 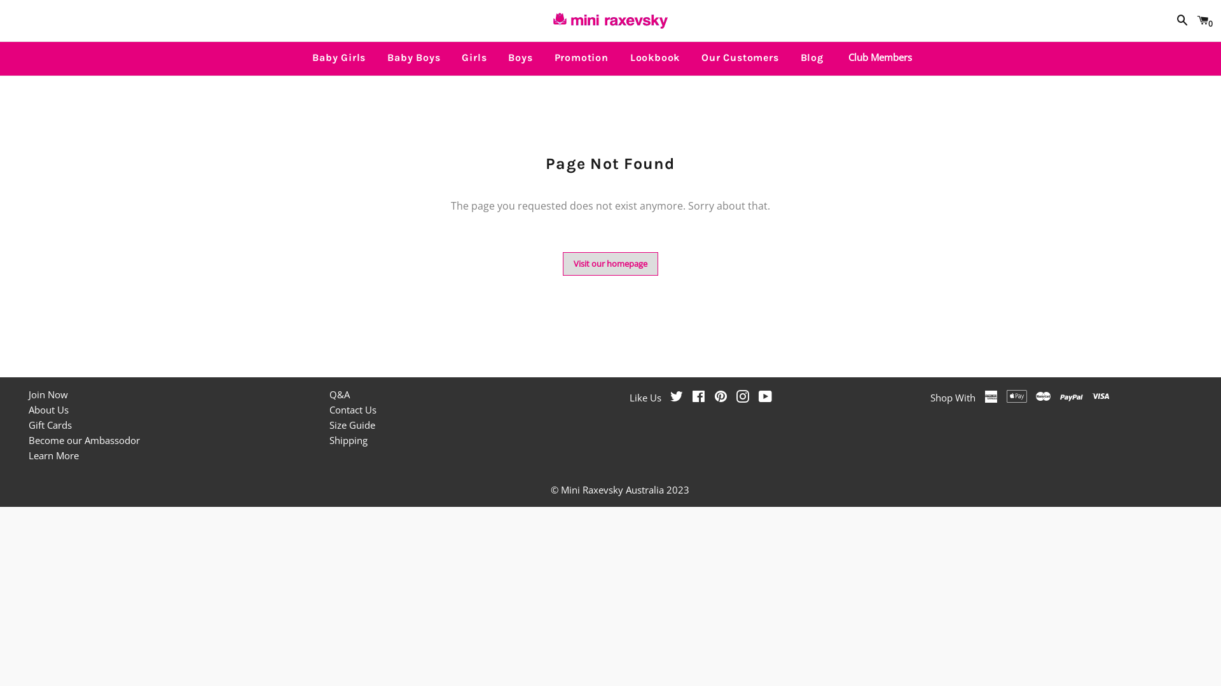 What do you see at coordinates (83, 440) in the screenshot?
I see `'Become our Ambassodor'` at bounding box center [83, 440].